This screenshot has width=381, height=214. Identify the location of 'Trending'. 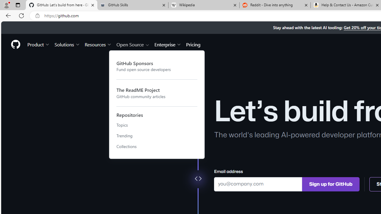
(157, 136).